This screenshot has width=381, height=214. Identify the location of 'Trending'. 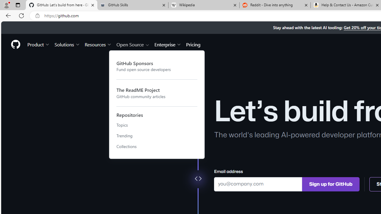
(157, 136).